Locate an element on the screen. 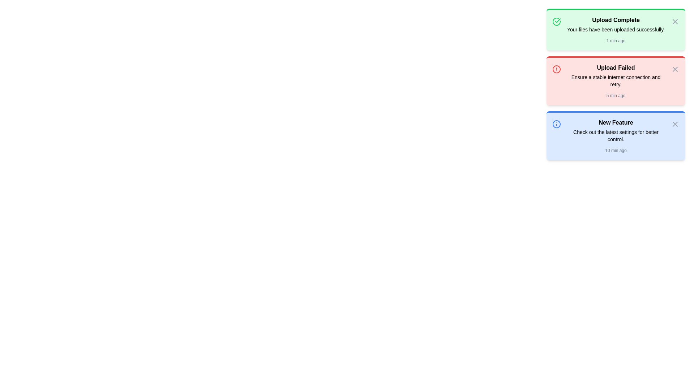  the close icon located in the top-right corner of the blue notification card labeled 'New Feature' is located at coordinates (674, 123).